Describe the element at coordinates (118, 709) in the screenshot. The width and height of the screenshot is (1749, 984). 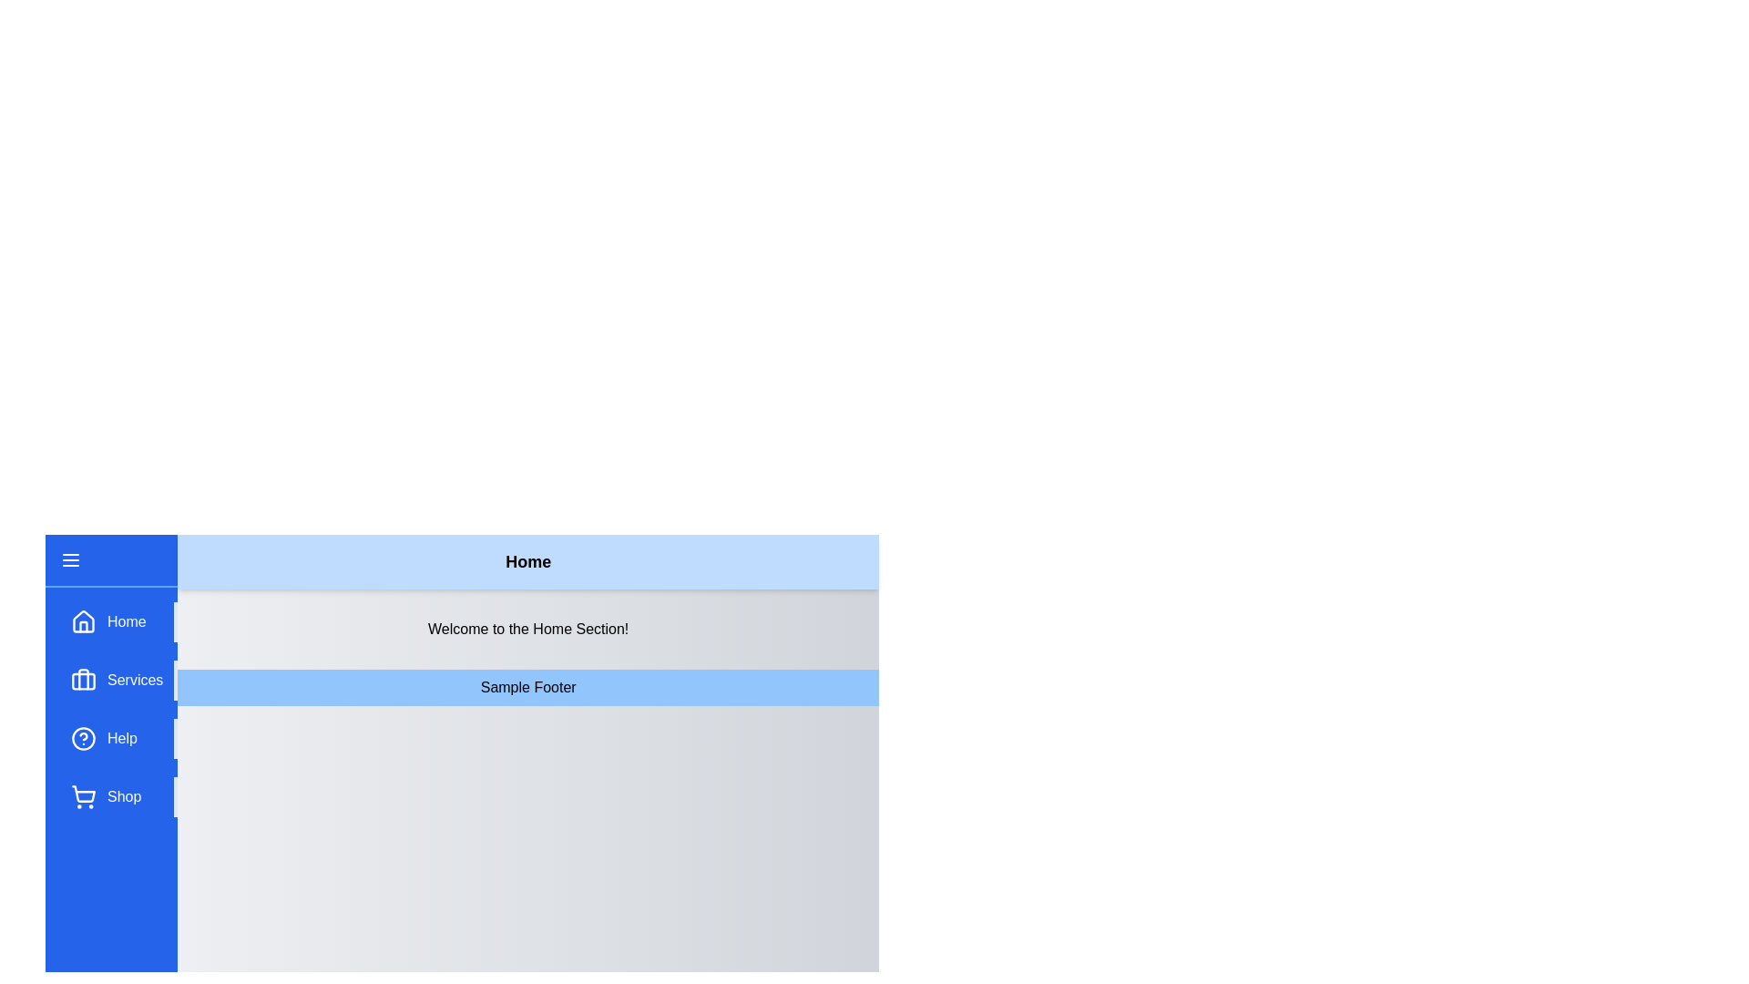
I see `the 'Help' item in the sidebar navigation menu` at that location.